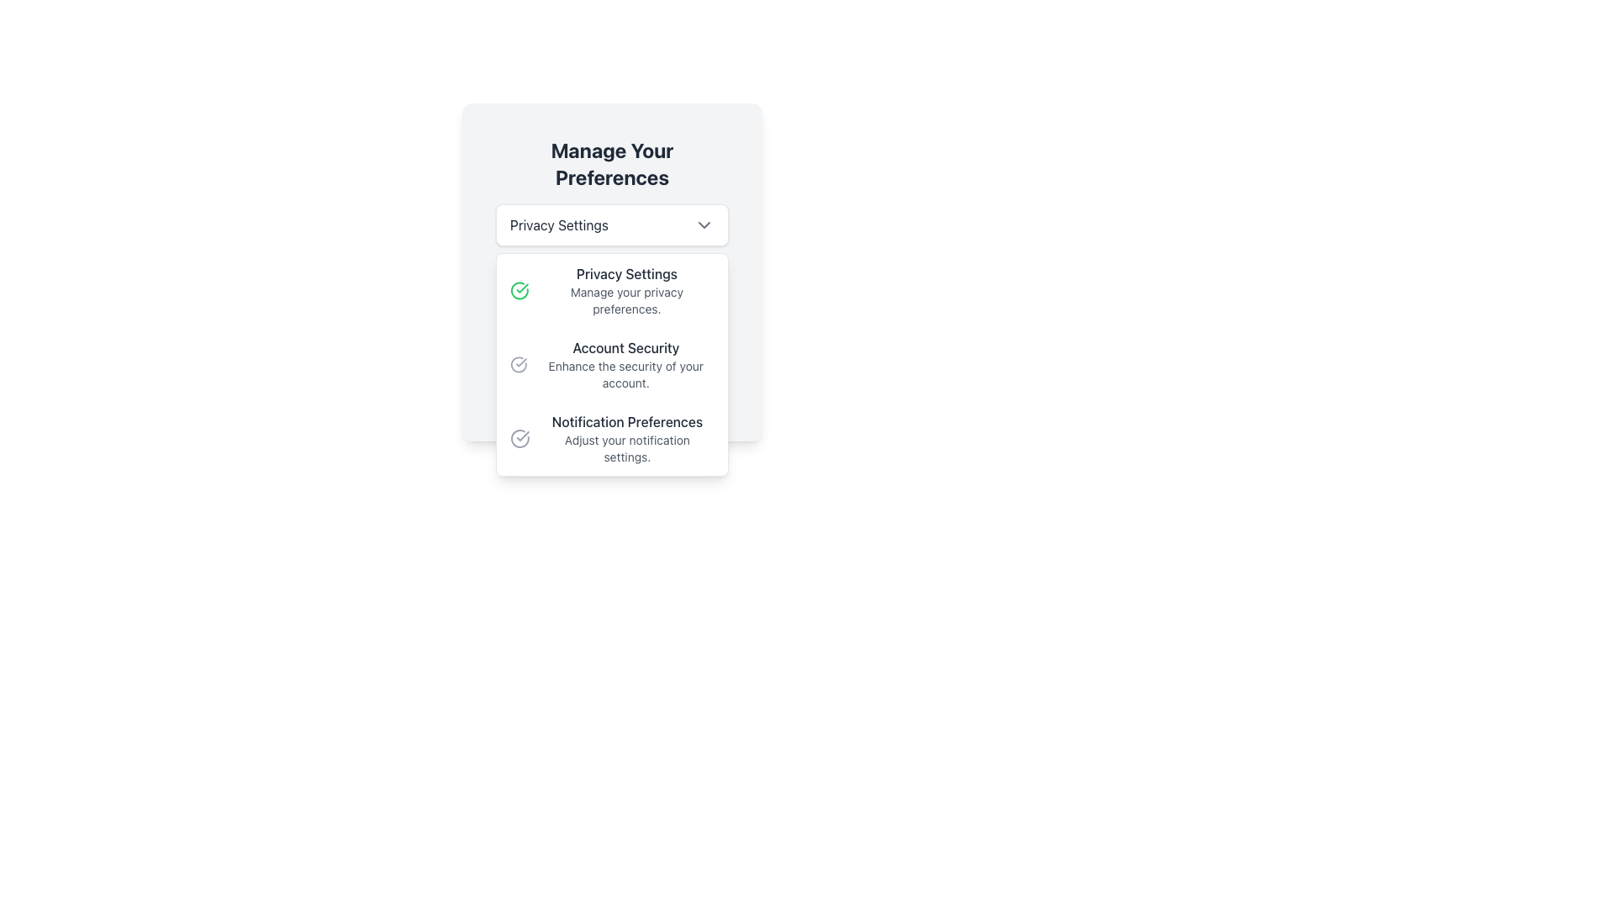  Describe the element at coordinates (519, 290) in the screenshot. I see `the circular icon featuring a green checkmark inside, located to the left of the text 'Privacy Settings Manage your privacy preferences.' in the first option of the dropdown menu` at that location.